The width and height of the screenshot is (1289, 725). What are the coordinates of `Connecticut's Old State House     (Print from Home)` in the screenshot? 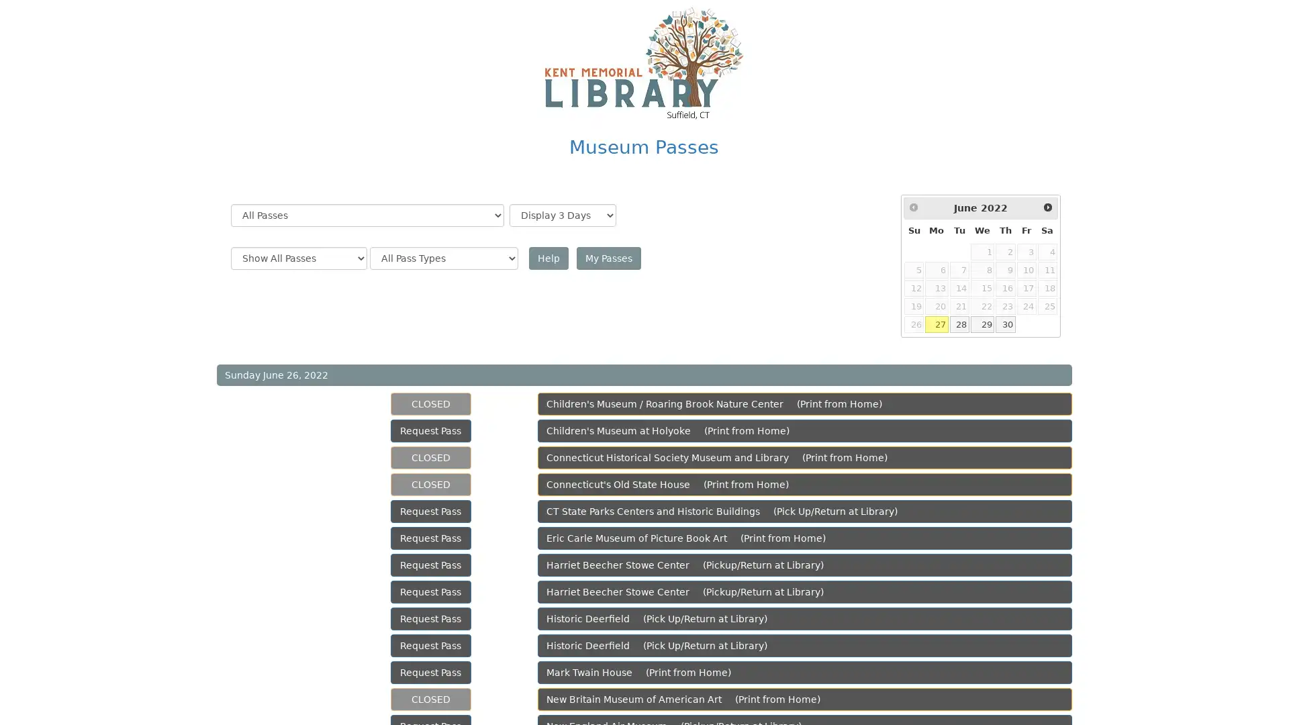 It's located at (804, 484).